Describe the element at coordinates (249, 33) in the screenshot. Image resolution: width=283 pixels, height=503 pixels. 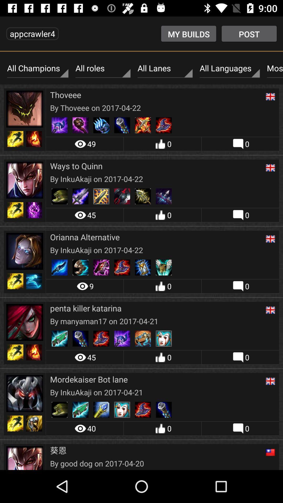
I see `the item to the right of my builds` at that location.